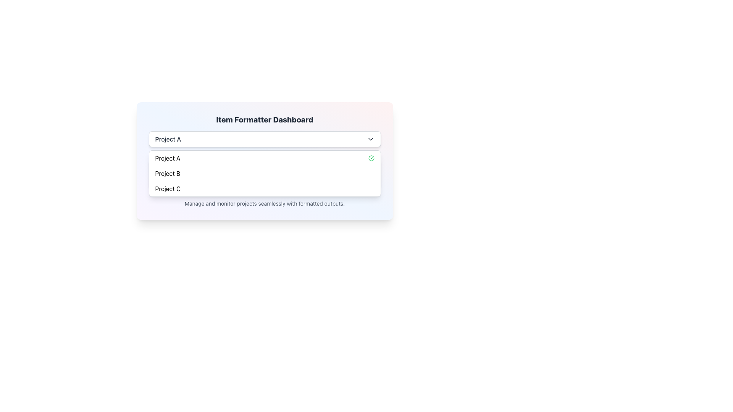 The image size is (733, 412). Describe the element at coordinates (265, 188) in the screenshot. I see `the third item in the dropdown menu` at that location.